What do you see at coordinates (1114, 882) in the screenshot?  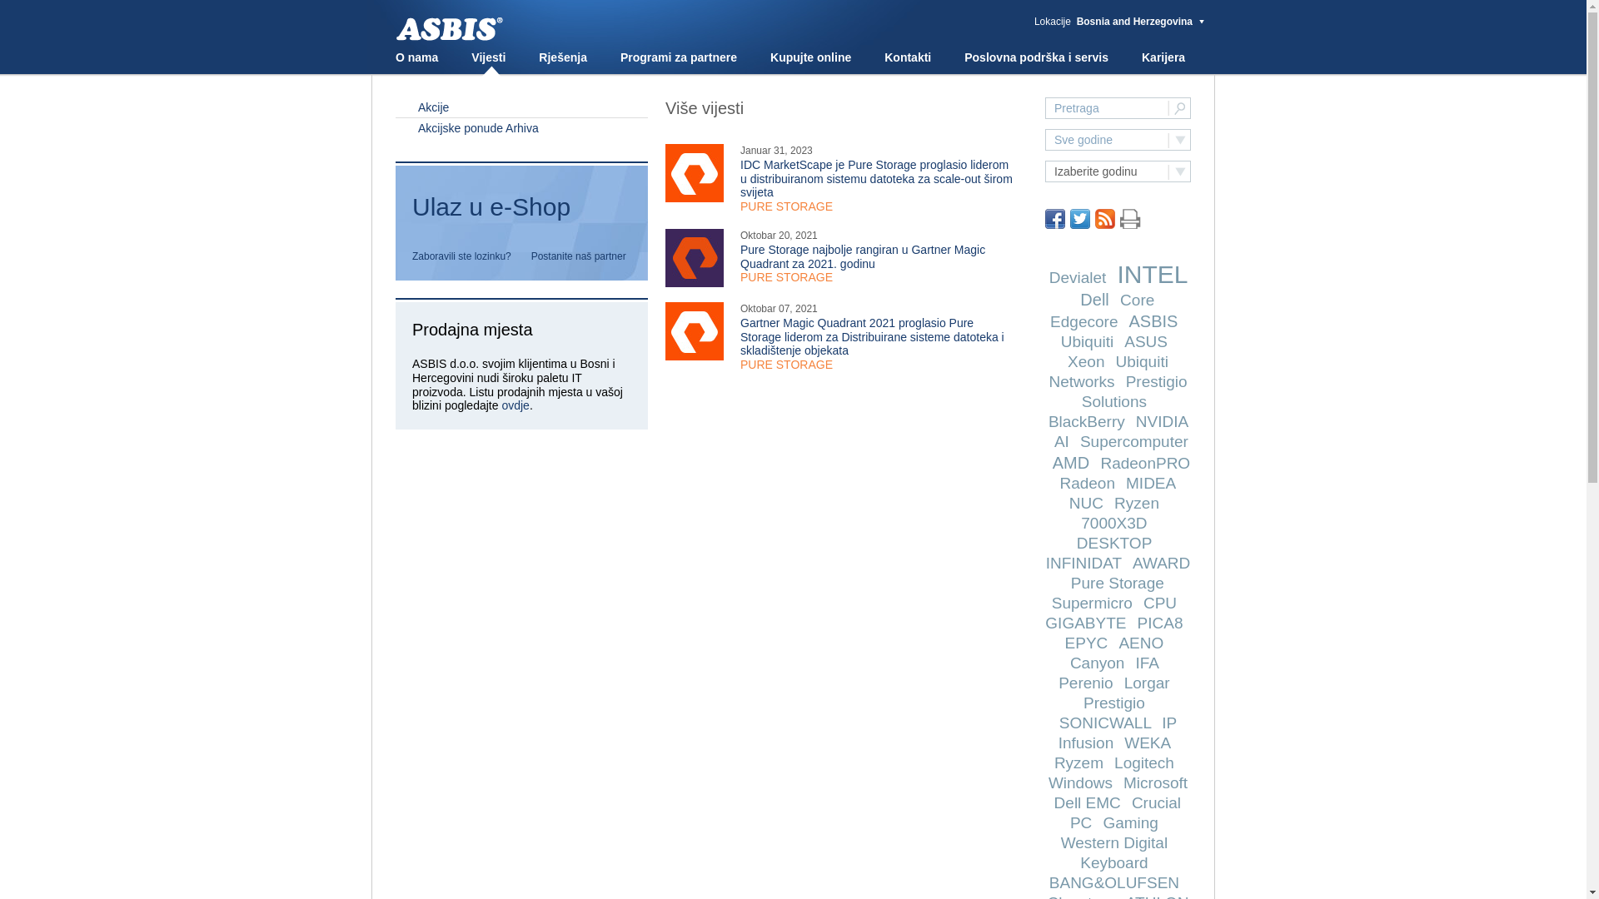 I see `'BANG&OLUFSEN'` at bounding box center [1114, 882].